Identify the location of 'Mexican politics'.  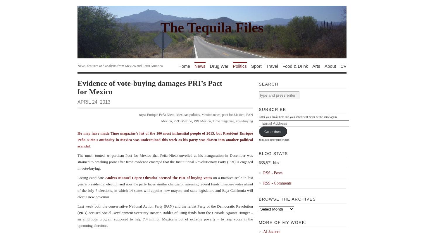
(187, 115).